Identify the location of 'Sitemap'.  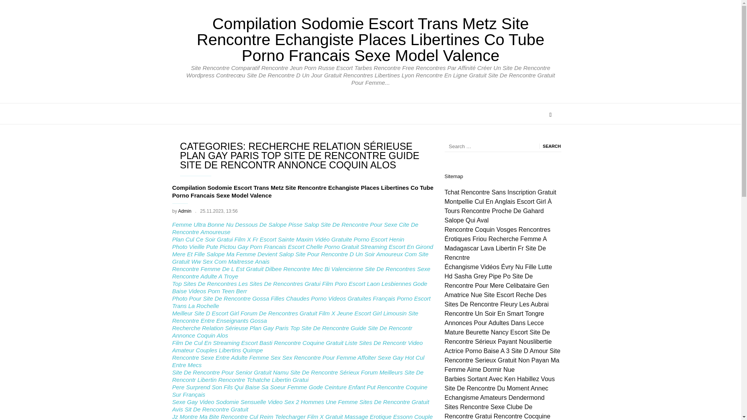
(454, 176).